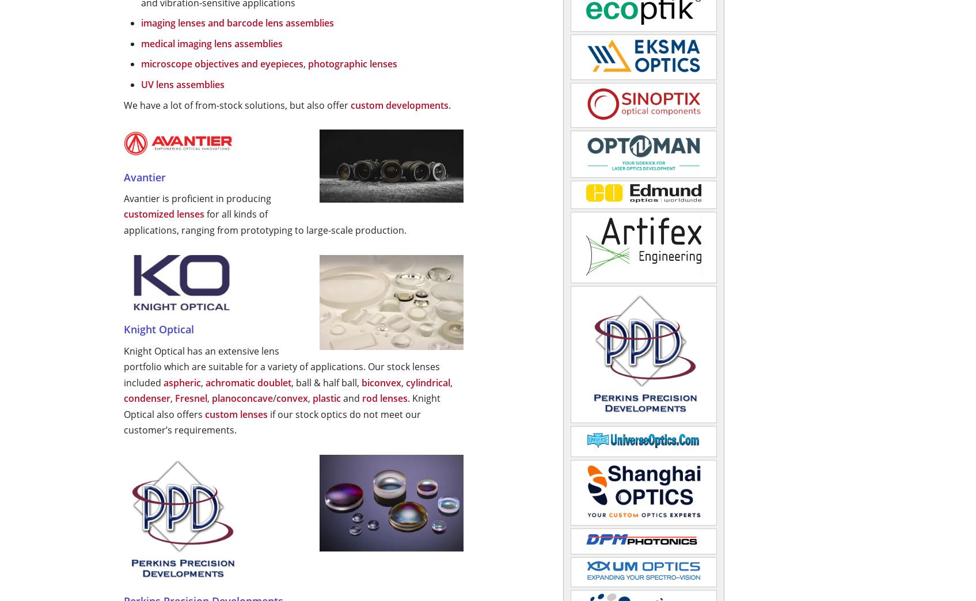  What do you see at coordinates (204, 414) in the screenshot?
I see `'custom lenses'` at bounding box center [204, 414].